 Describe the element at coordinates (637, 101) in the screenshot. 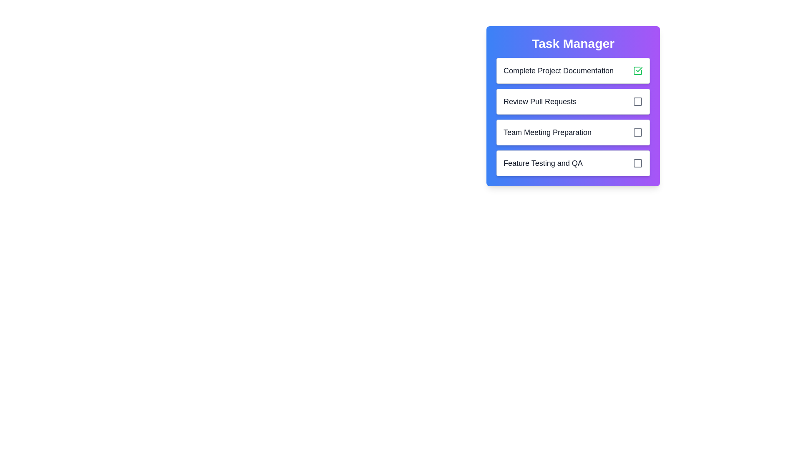

I see `the compact checkbox at the right end of the second task row` at that location.